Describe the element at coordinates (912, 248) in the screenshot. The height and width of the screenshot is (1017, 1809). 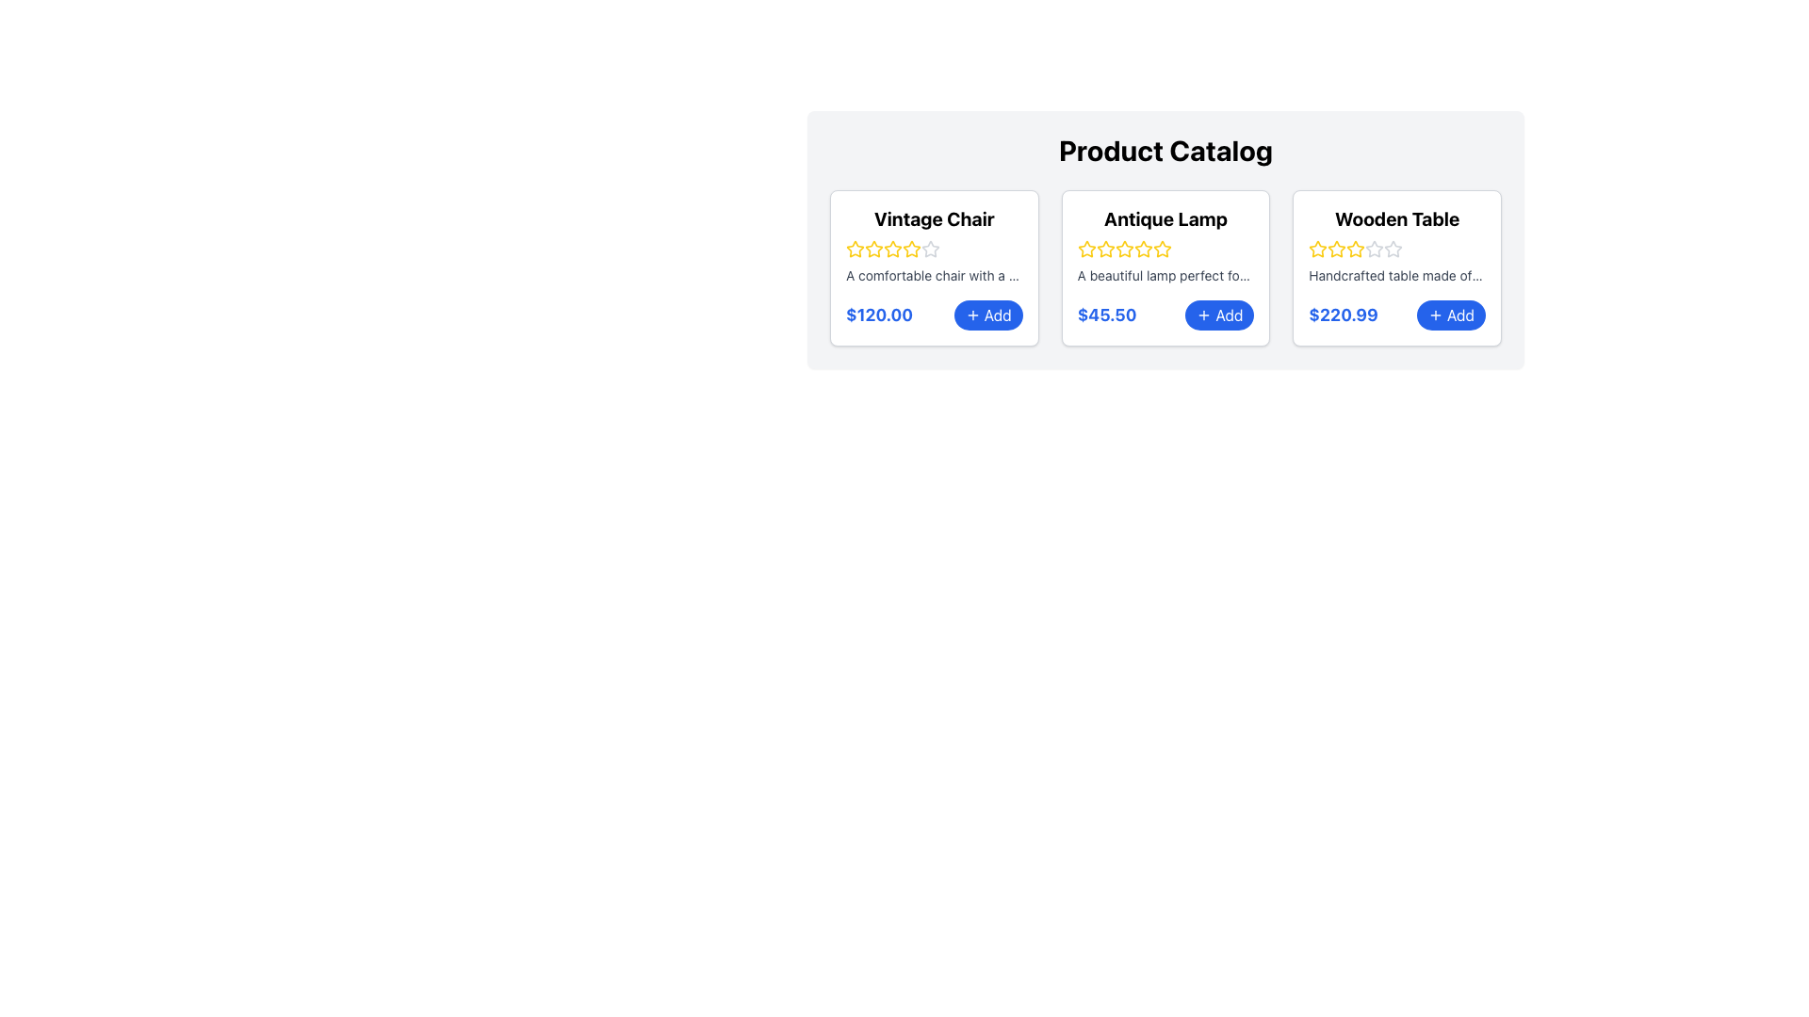
I see `the second yellow star icon in the rating interface for the 'Vintage Chair' product` at that location.